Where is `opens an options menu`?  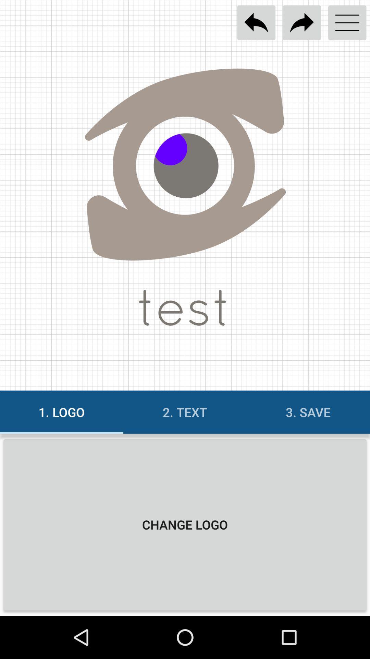 opens an options menu is located at coordinates (347, 23).